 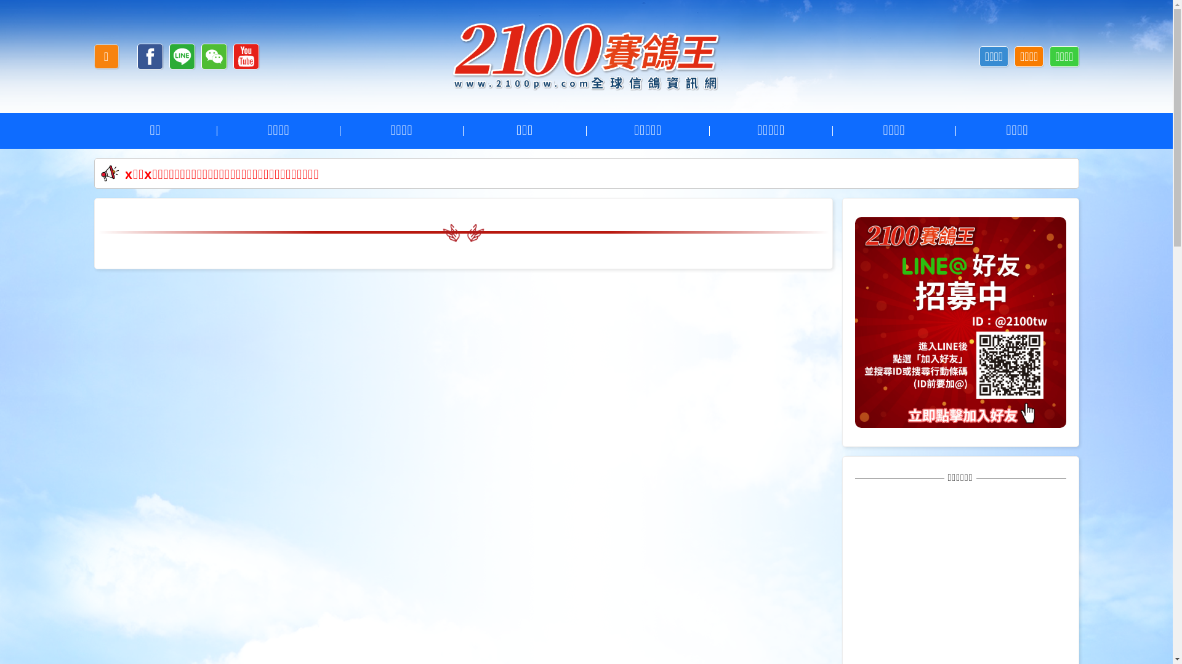 I want to click on 'Line', so click(x=182, y=57).